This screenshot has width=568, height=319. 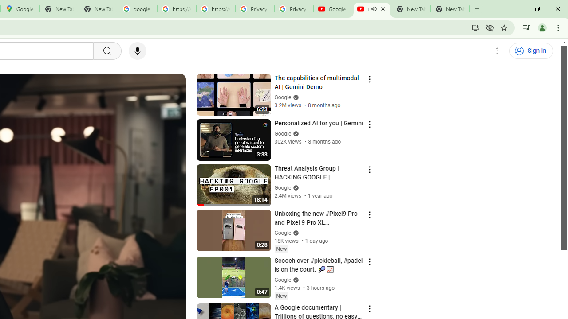 What do you see at coordinates (215, 9) in the screenshot?
I see `'https://scholar.google.com/'` at bounding box center [215, 9].